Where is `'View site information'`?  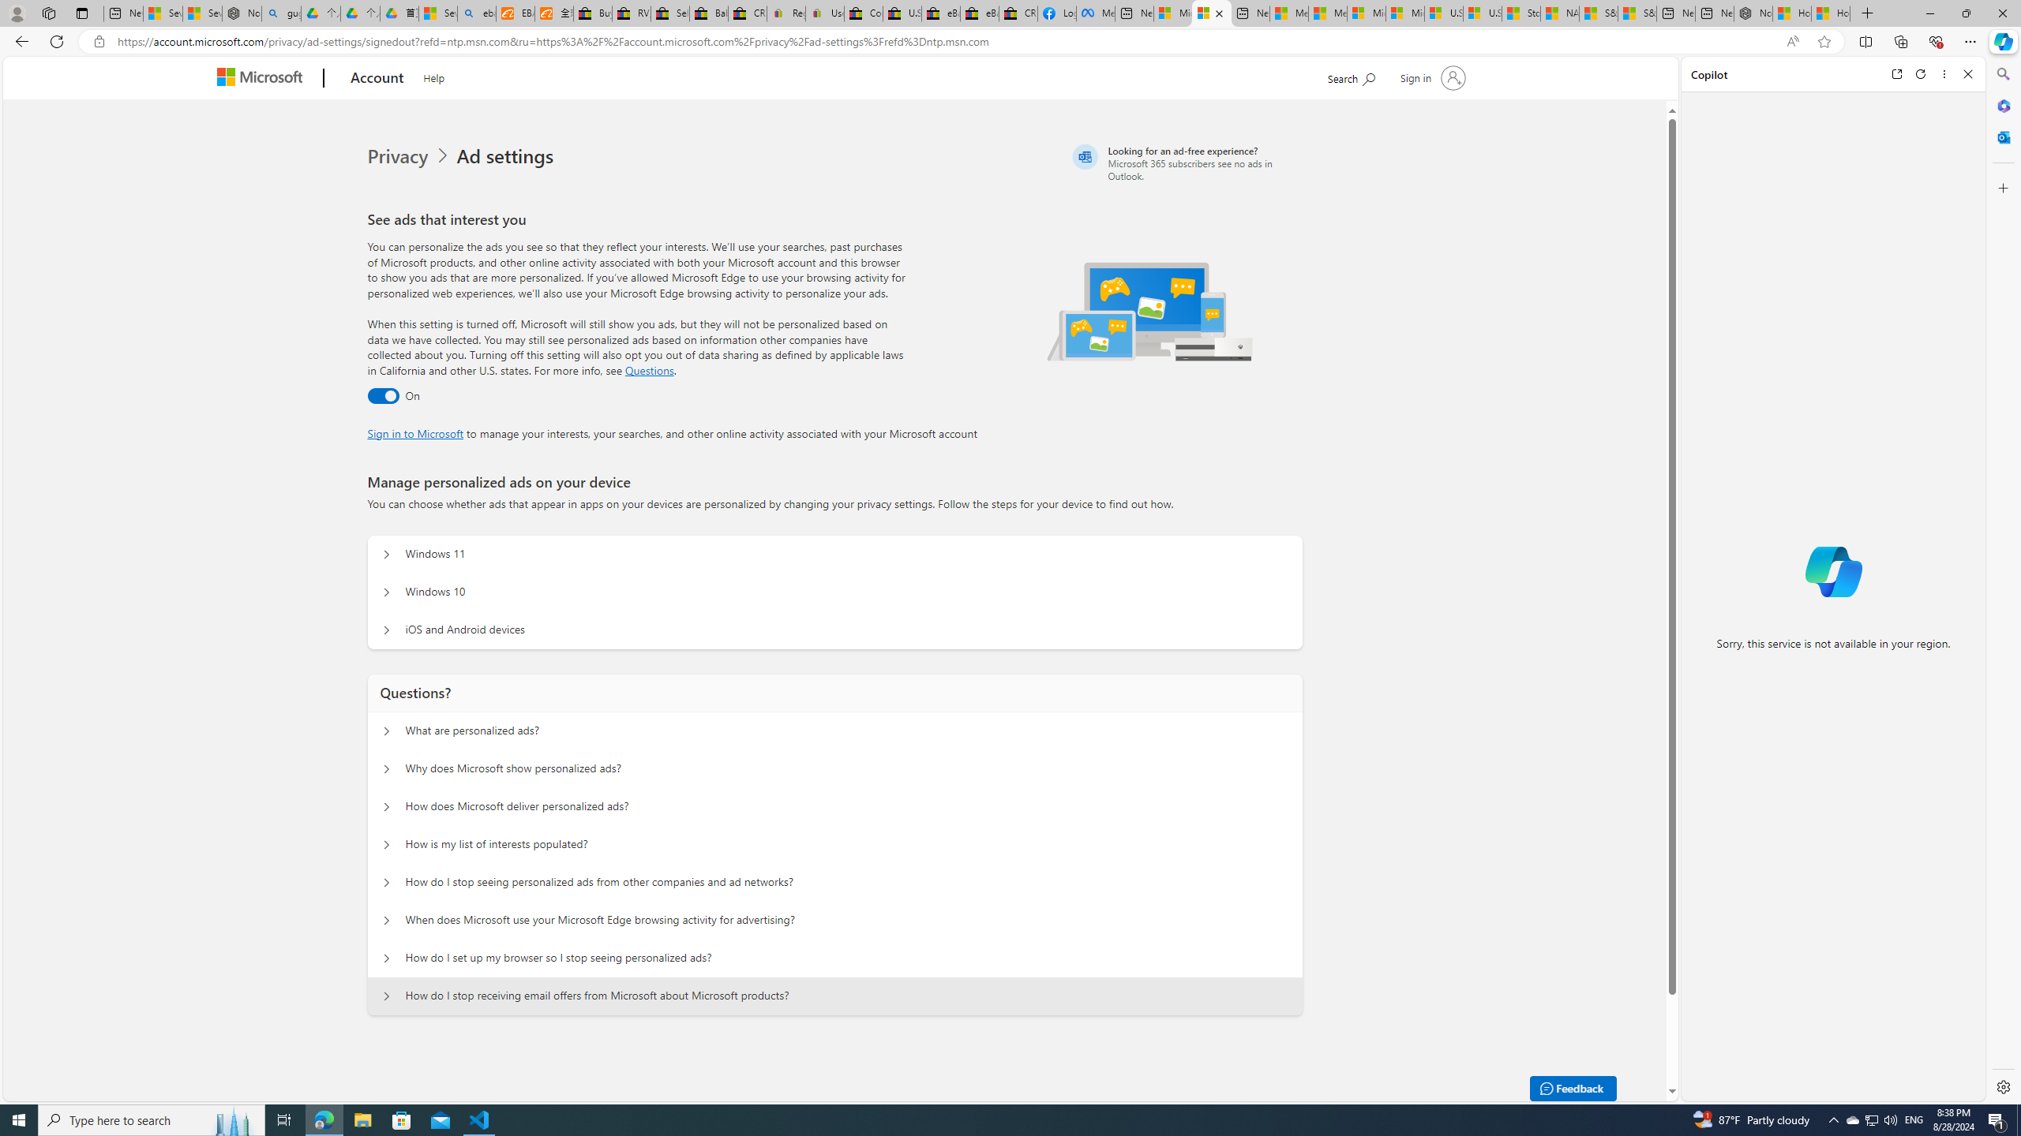
'View site information' is located at coordinates (99, 42).